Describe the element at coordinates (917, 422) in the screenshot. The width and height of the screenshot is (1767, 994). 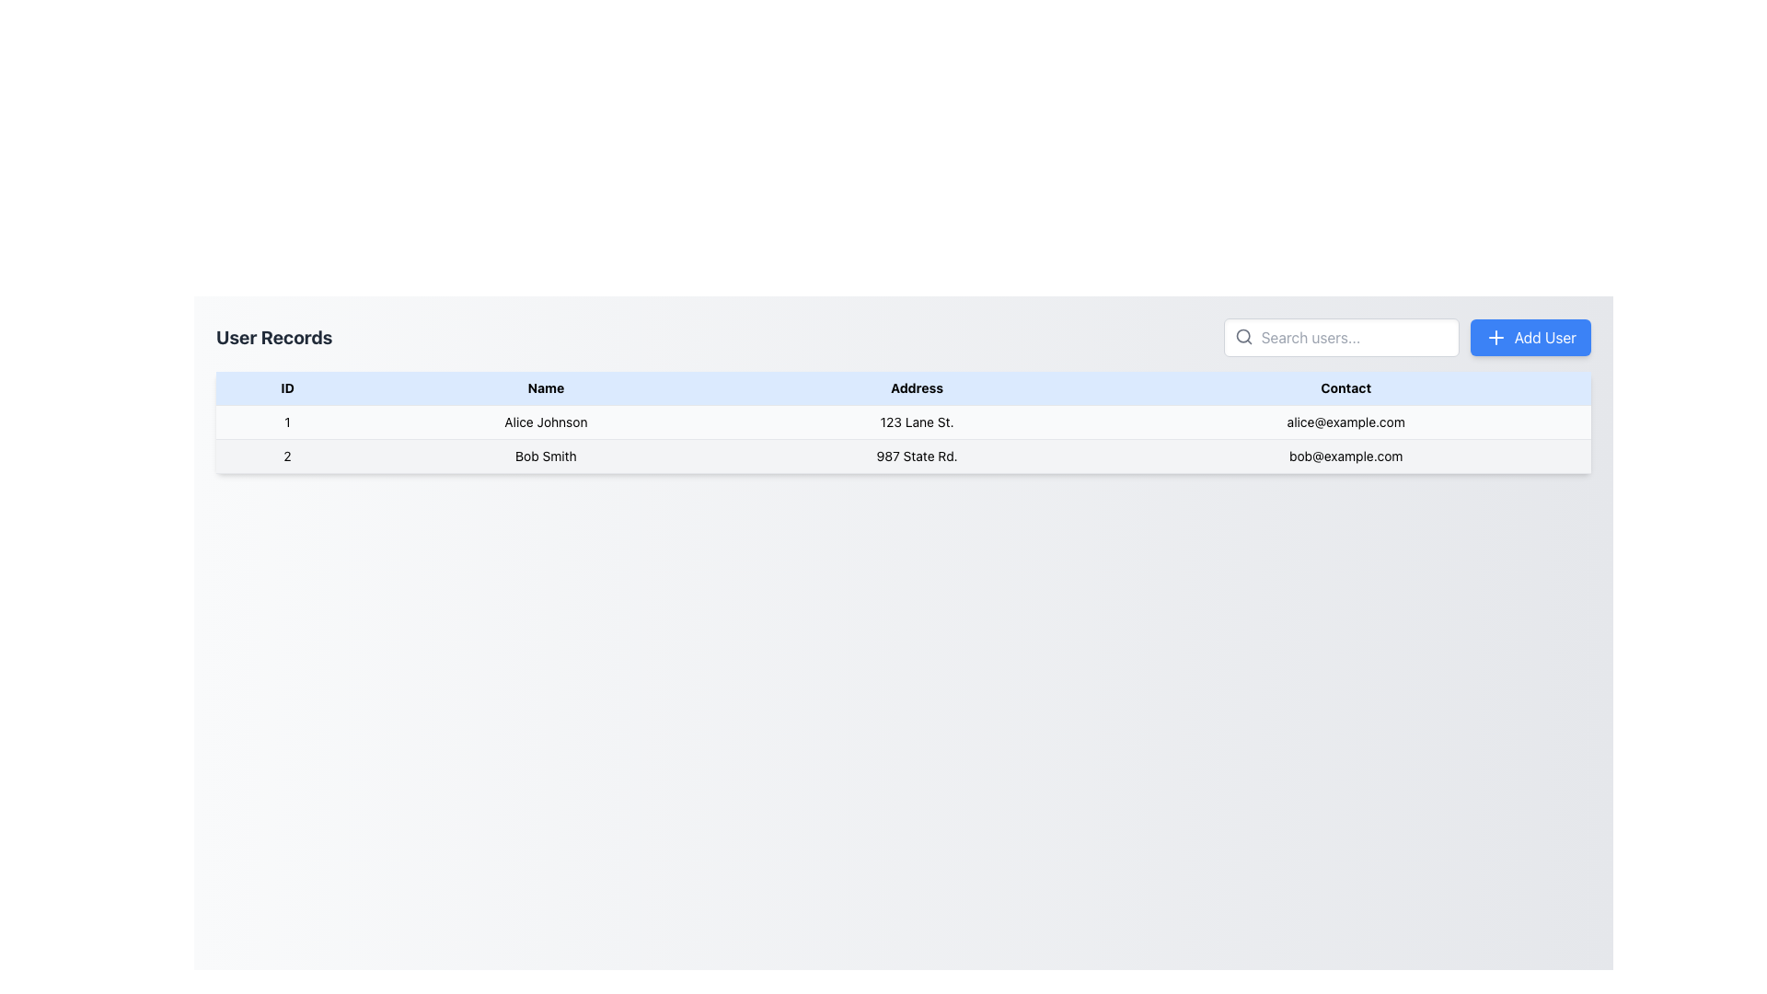
I see `the address information '123 Lane St.' associated with user 'Alice Johnson' in the data table` at that location.